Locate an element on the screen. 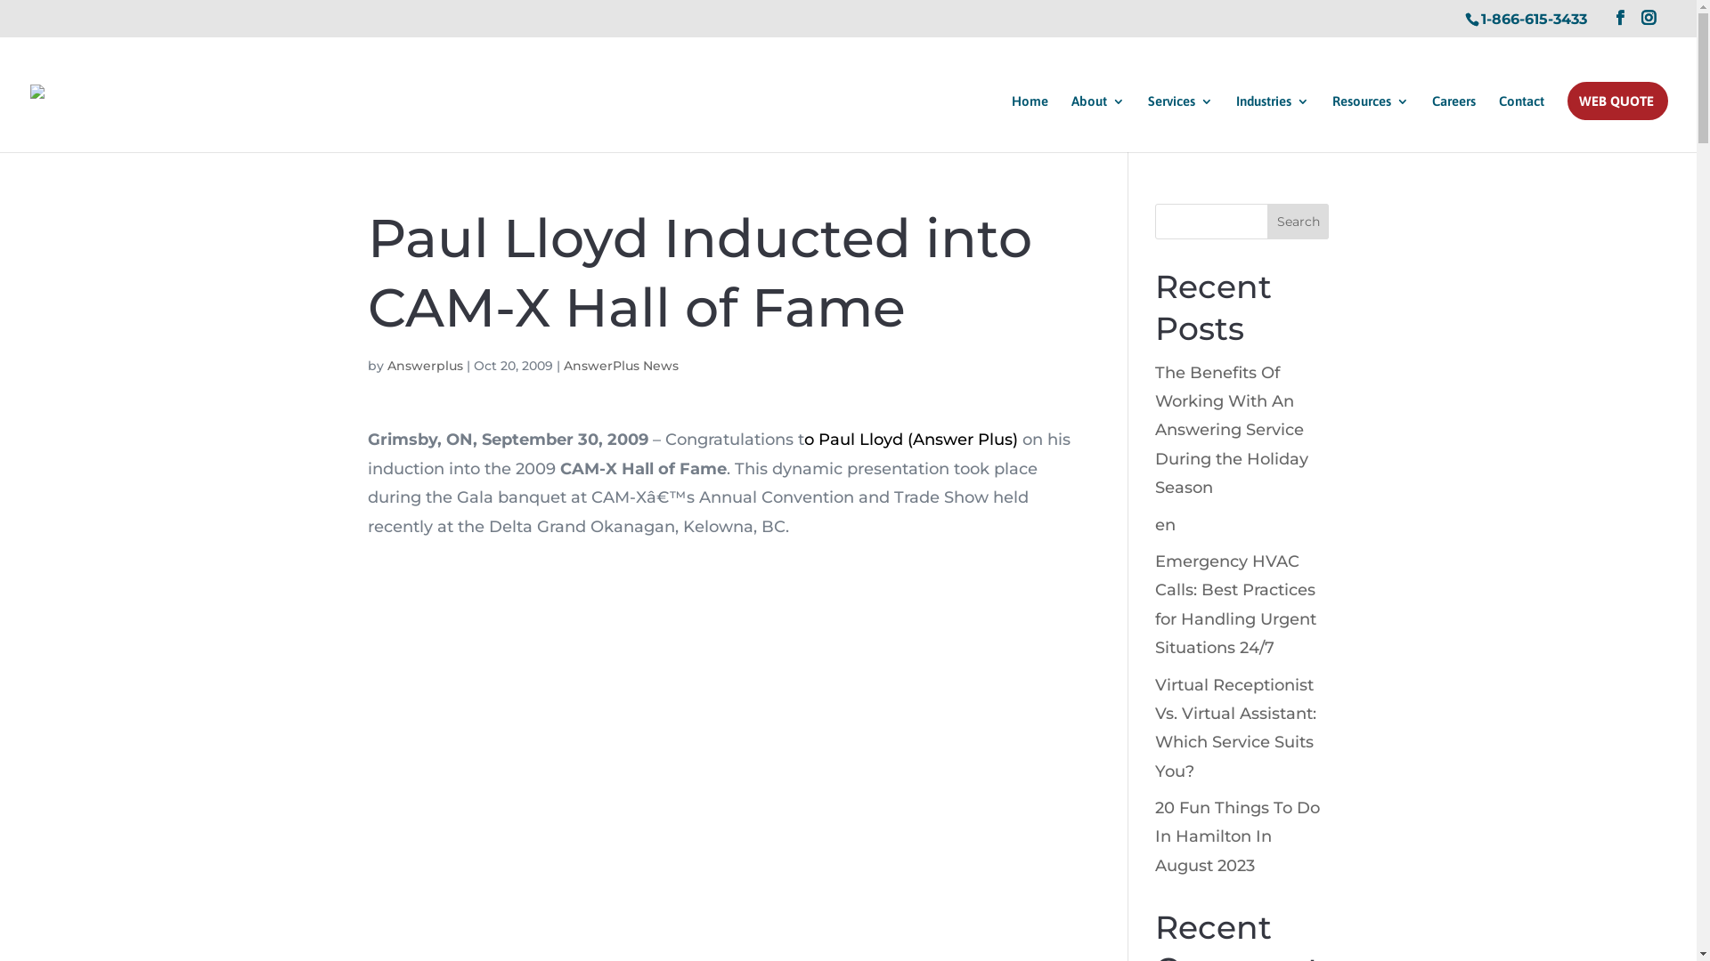 Image resolution: width=1710 pixels, height=961 pixels. 'Answerplus' is located at coordinates (423, 365).